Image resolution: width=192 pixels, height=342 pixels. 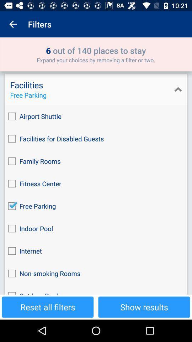 I want to click on checkbox above the non-smoking rooms item, so click(x=96, y=251).